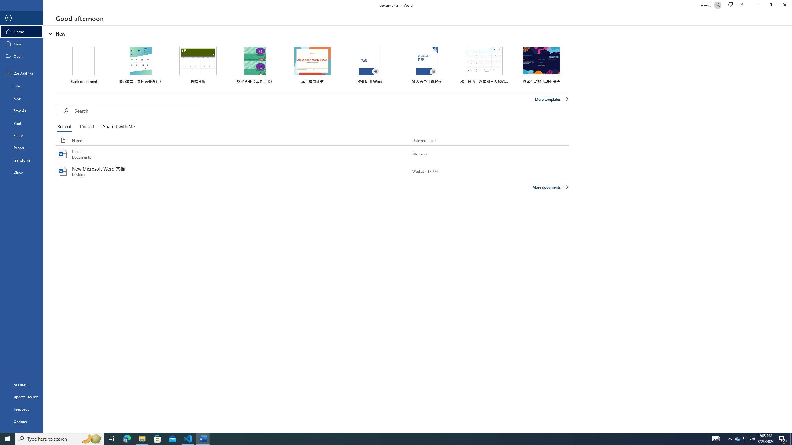  I want to click on 'Class: NetUIScrollBar', so click(789, 229).